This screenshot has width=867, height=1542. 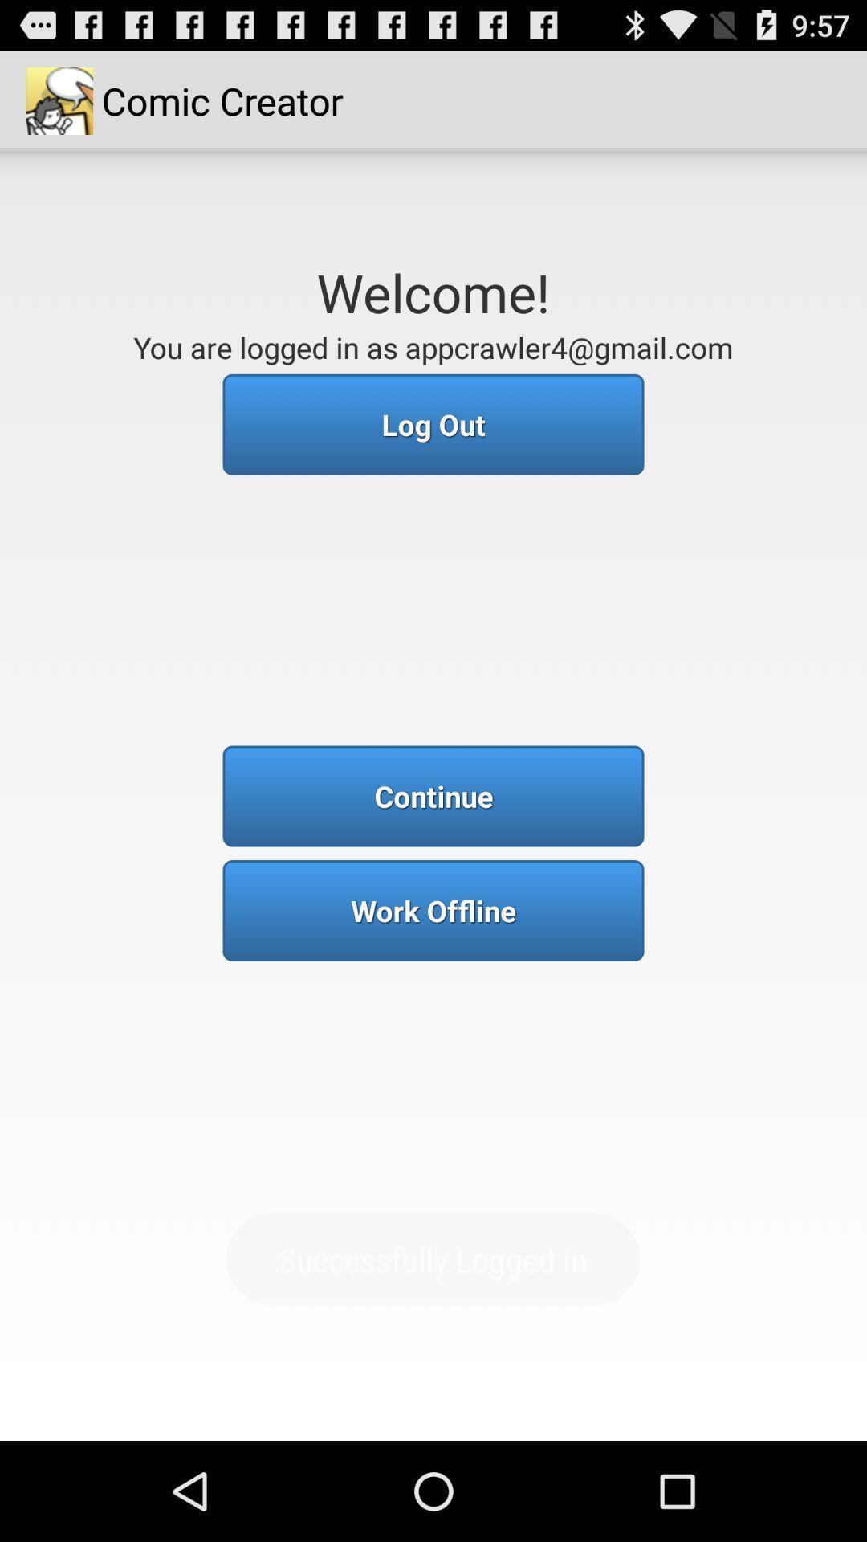 I want to click on the item below the continue item, so click(x=433, y=910).